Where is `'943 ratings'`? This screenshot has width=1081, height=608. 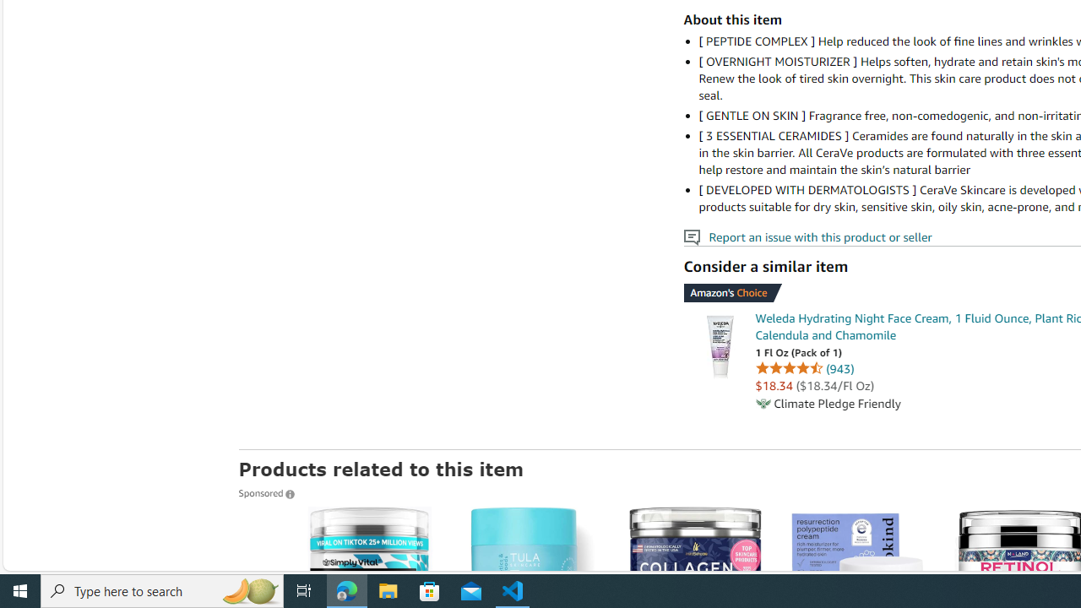 '943 ratings' is located at coordinates (840, 367).